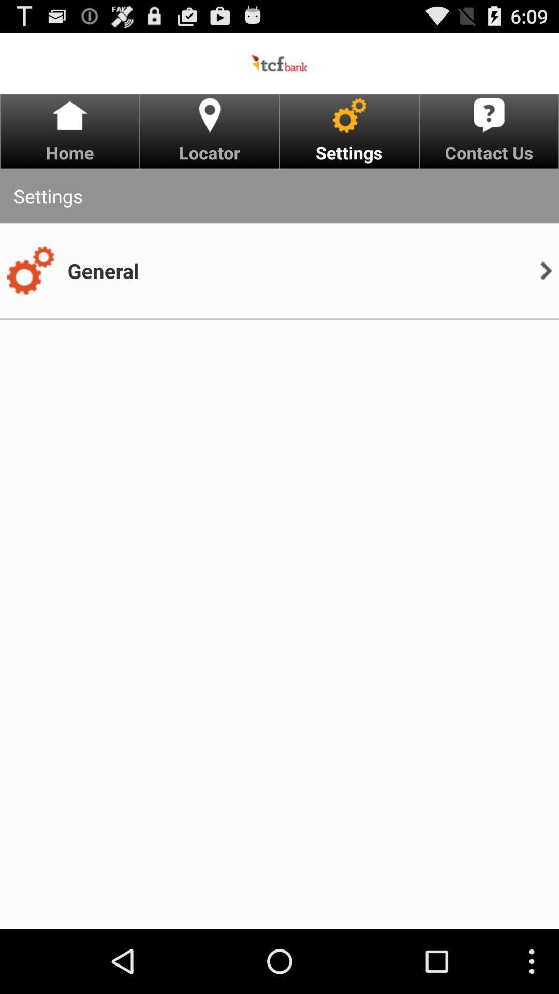 The image size is (559, 994). What do you see at coordinates (546, 271) in the screenshot?
I see `app to the right of general item` at bounding box center [546, 271].